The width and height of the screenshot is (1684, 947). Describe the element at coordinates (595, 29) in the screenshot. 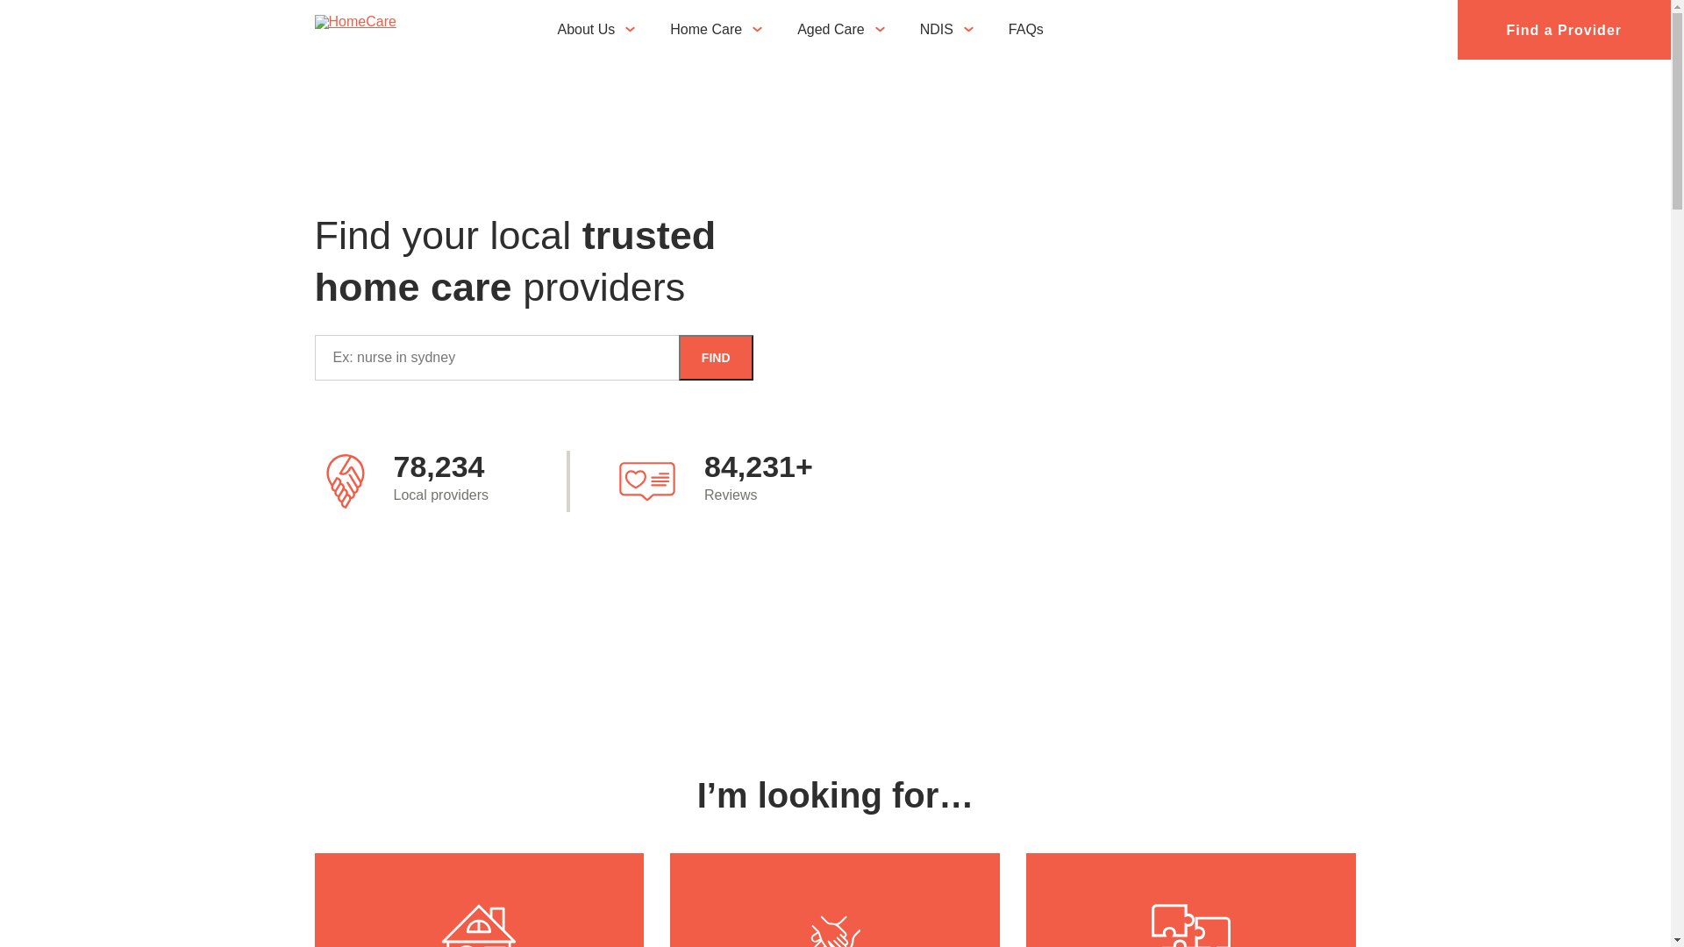

I see `'About Us'` at that location.